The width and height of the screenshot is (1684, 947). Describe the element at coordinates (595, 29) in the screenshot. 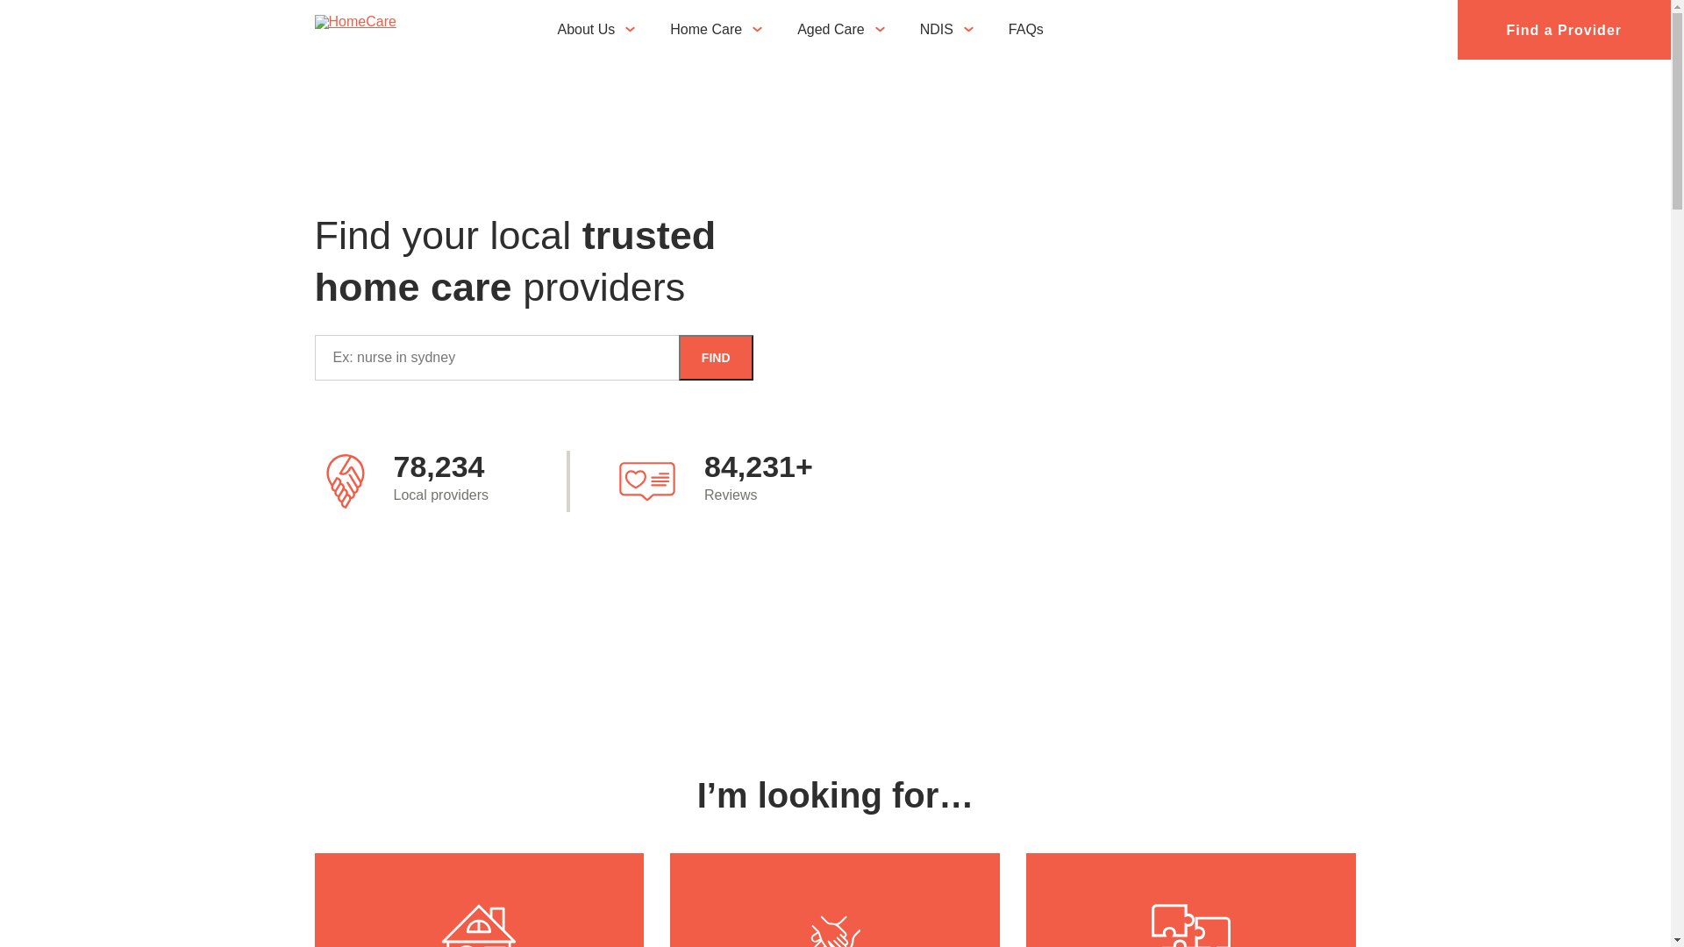

I see `'About Us'` at that location.